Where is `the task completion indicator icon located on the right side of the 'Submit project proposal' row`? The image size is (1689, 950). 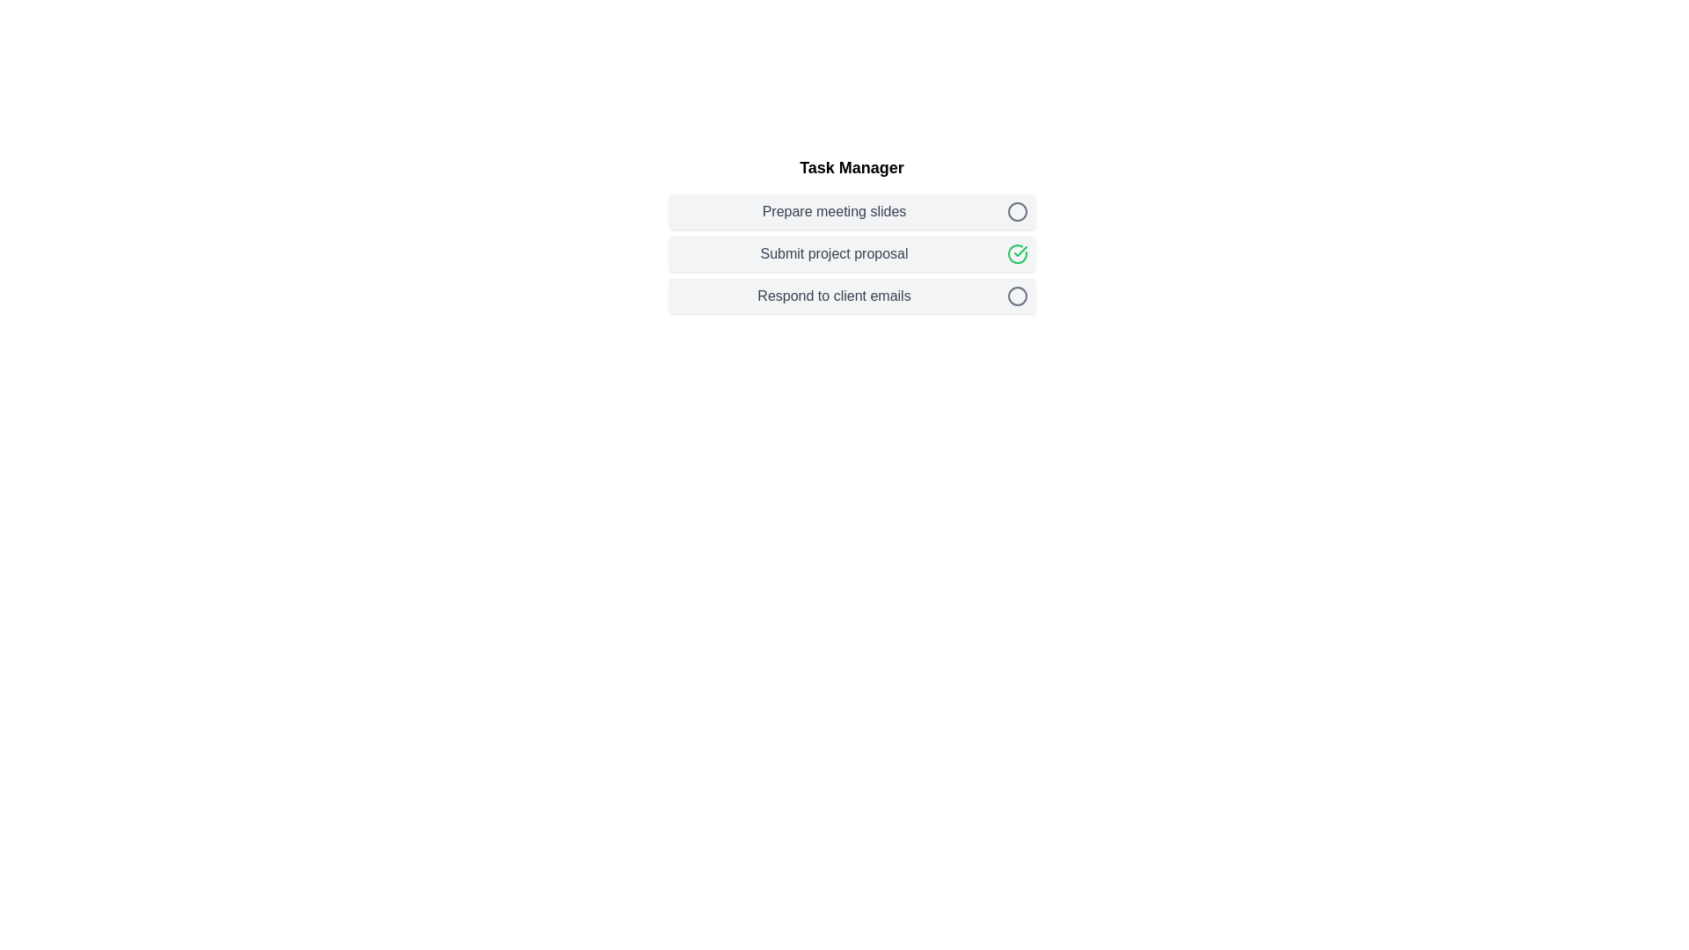 the task completion indicator icon located on the right side of the 'Submit project proposal' row is located at coordinates (1017, 254).